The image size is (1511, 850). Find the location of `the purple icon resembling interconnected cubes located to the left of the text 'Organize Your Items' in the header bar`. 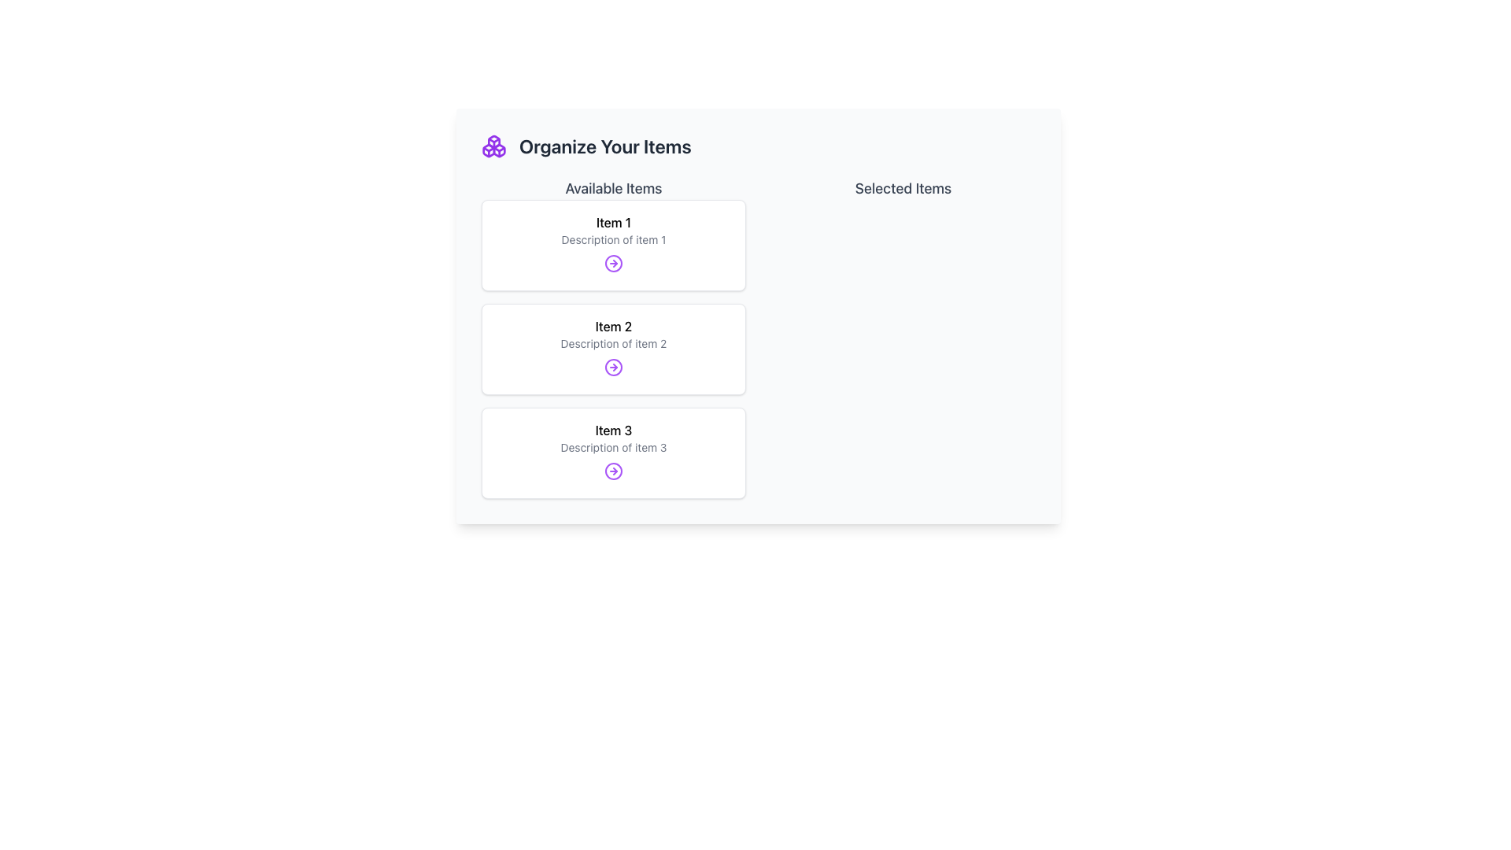

the purple icon resembling interconnected cubes located to the left of the text 'Organize Your Items' in the header bar is located at coordinates (493, 146).